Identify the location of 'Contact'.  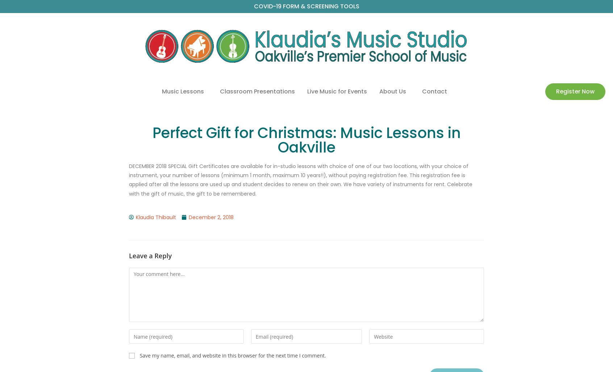
(434, 91).